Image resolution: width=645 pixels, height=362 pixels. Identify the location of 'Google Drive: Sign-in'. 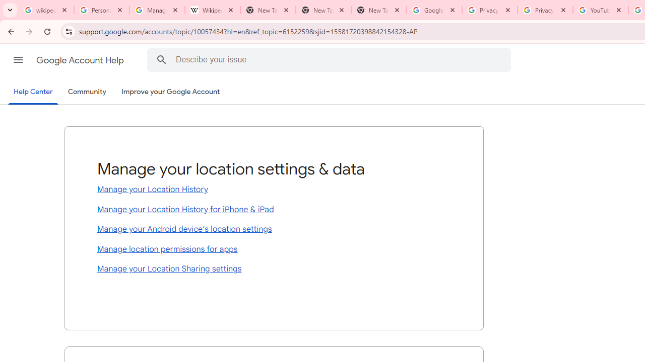
(434, 10).